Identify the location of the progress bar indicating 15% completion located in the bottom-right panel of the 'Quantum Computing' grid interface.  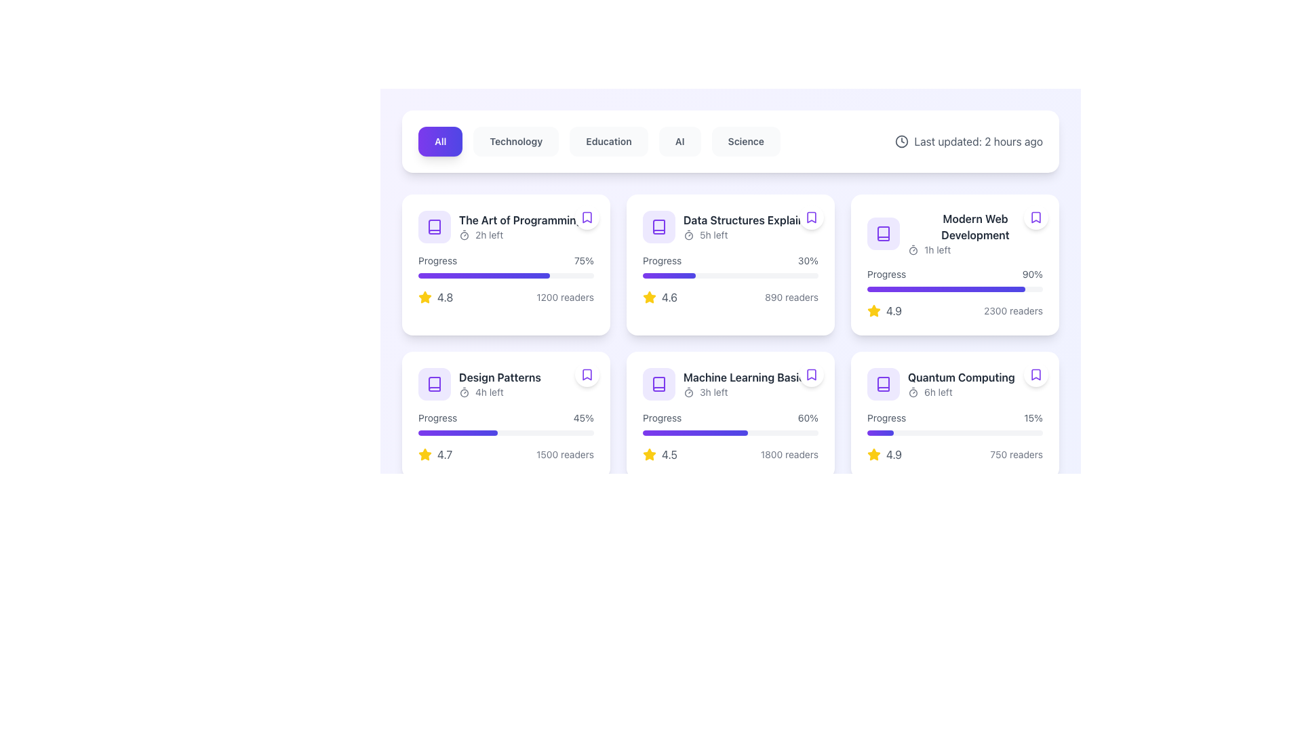
(954, 422).